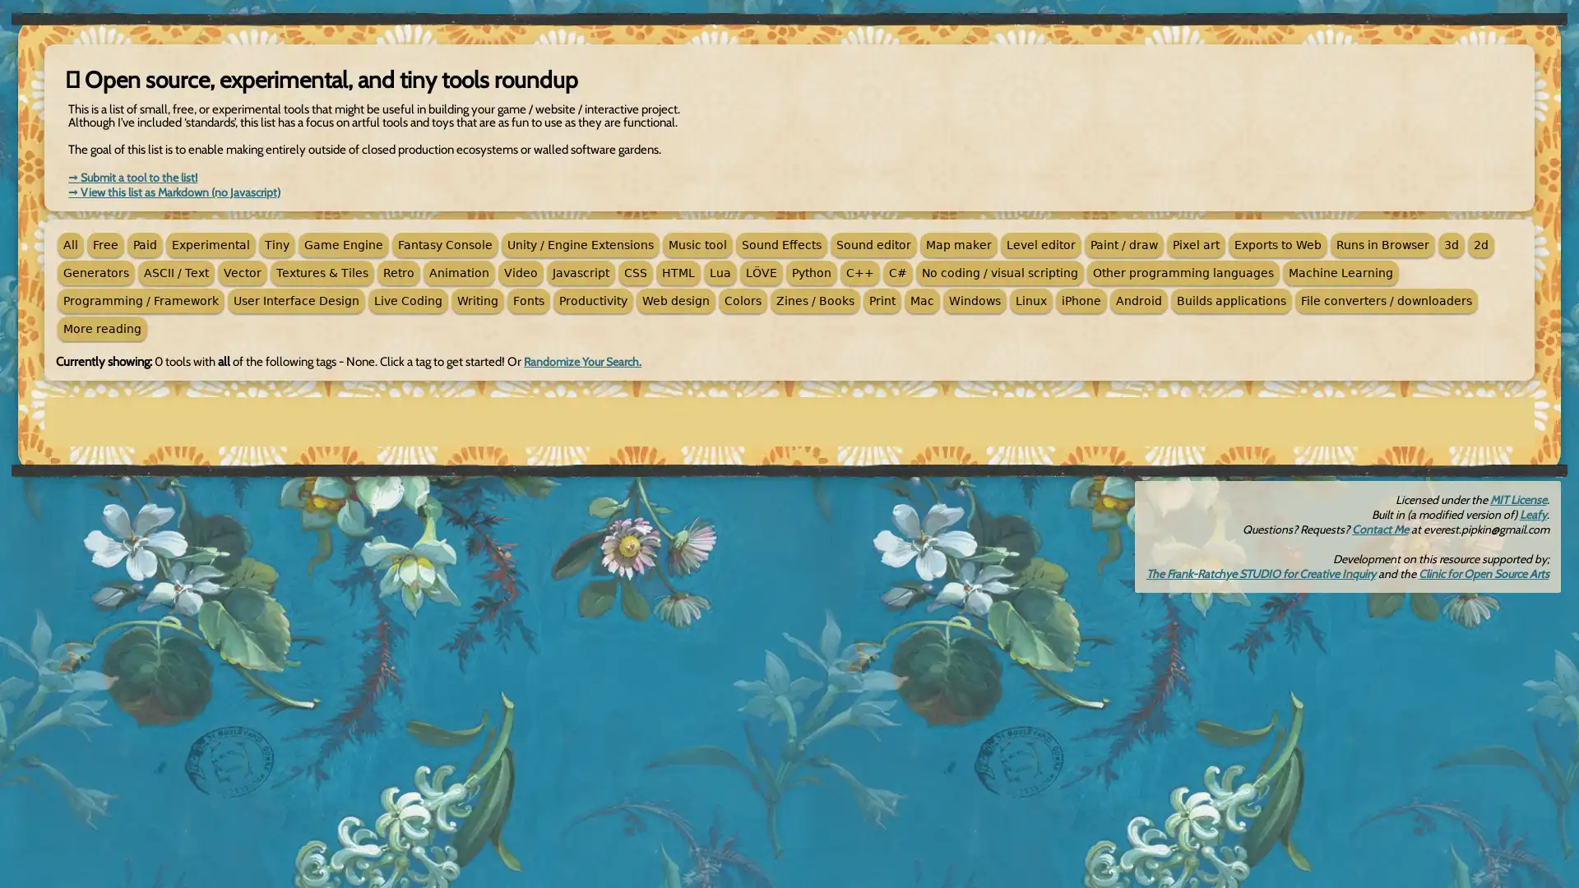 The image size is (1579, 888). I want to click on HTML, so click(678, 271).